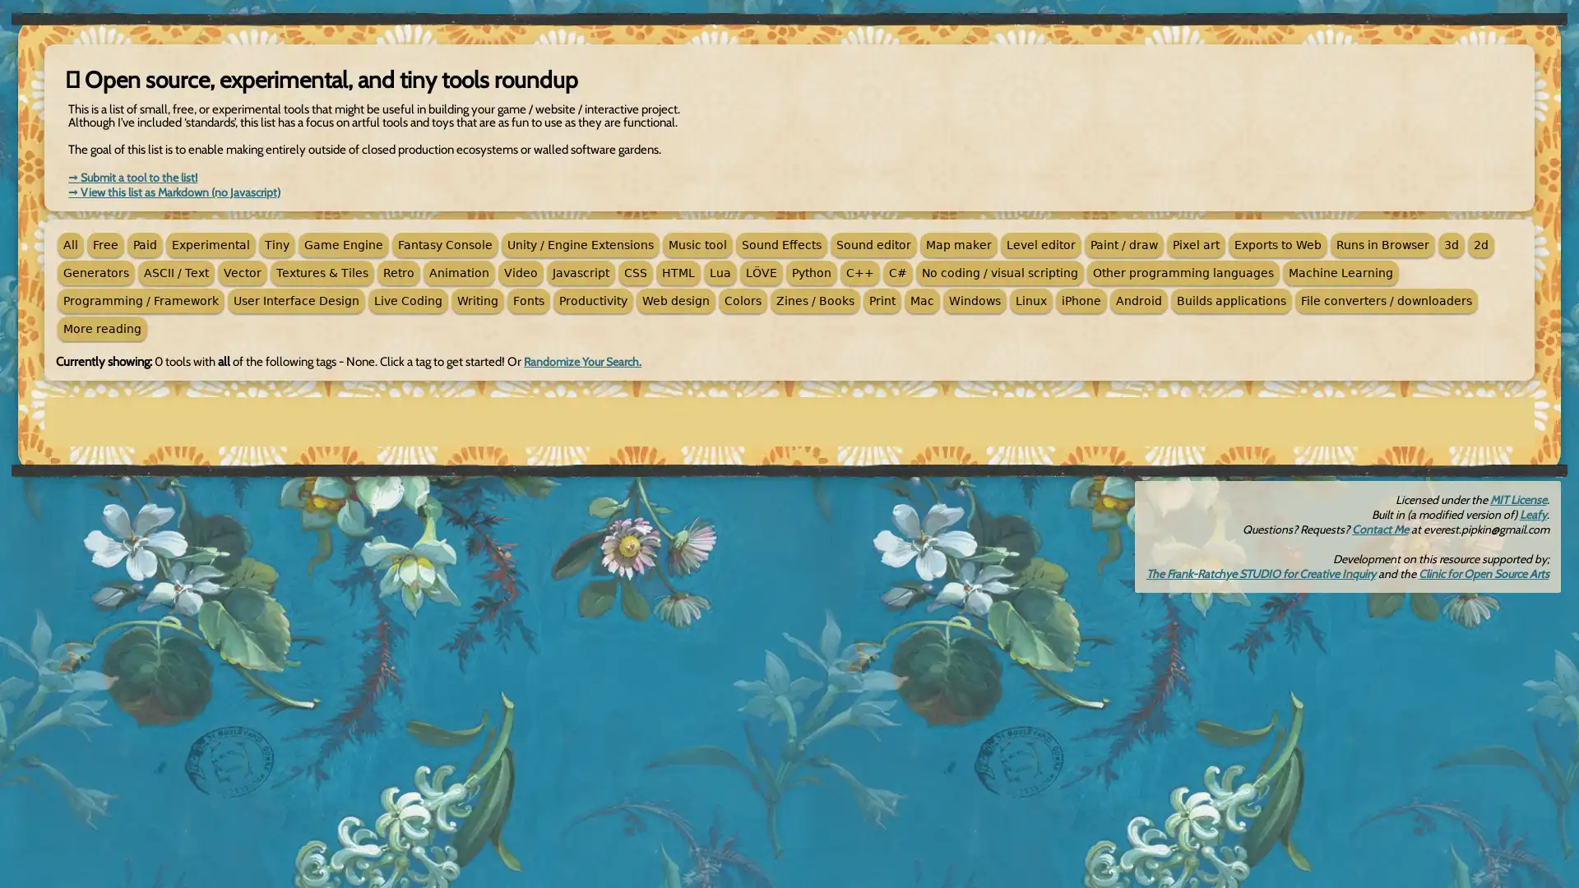 The image size is (1579, 888). I want to click on HTML, so click(678, 271).